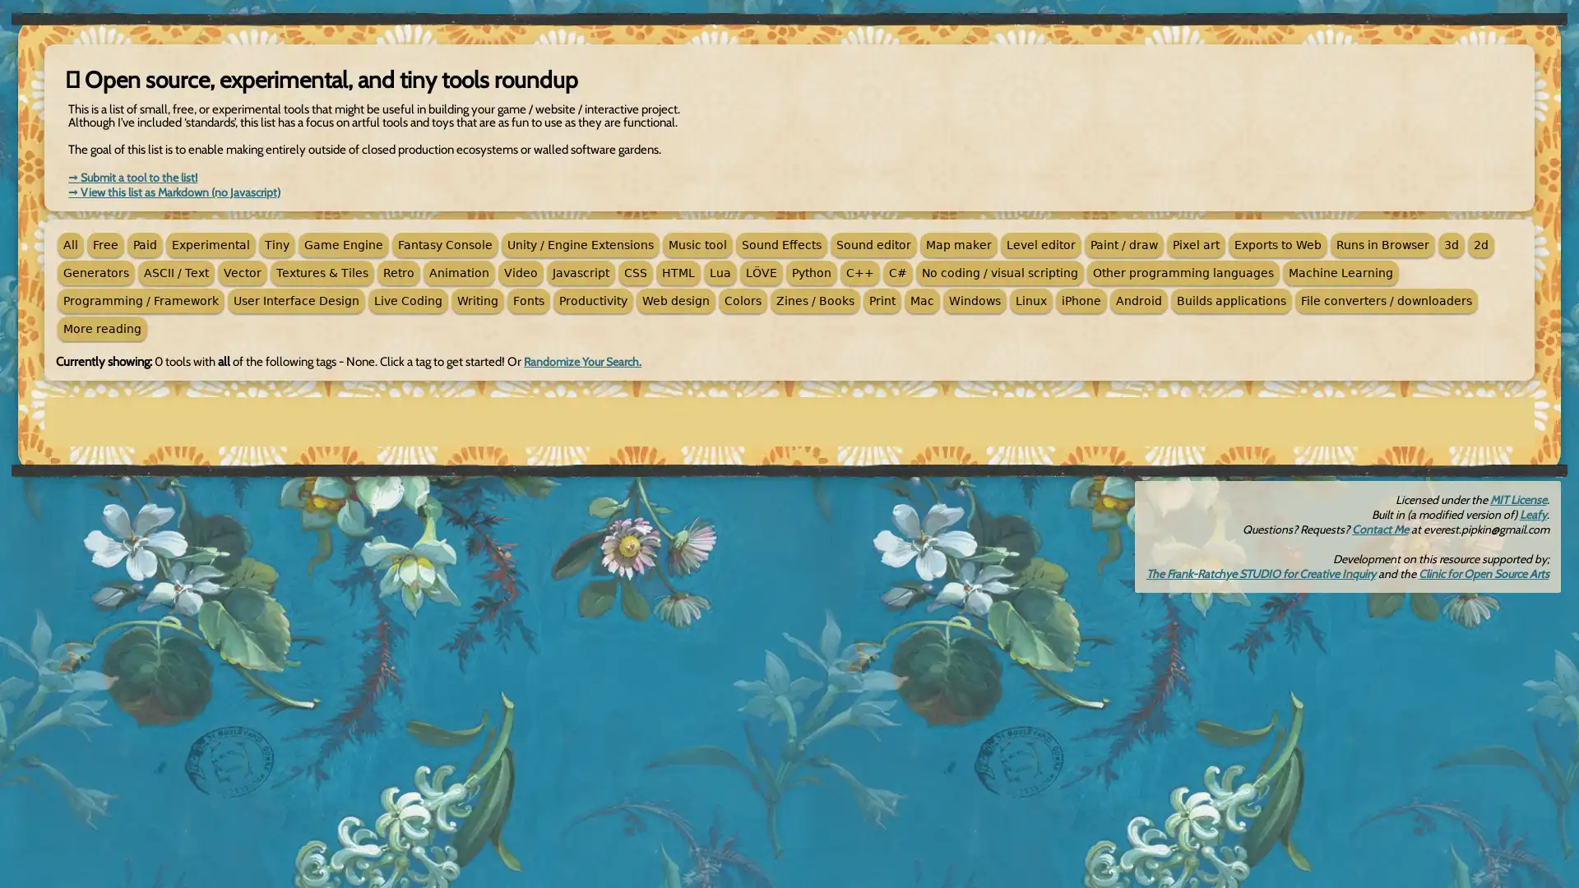 The image size is (1579, 888). I want to click on HTML, so click(678, 271).